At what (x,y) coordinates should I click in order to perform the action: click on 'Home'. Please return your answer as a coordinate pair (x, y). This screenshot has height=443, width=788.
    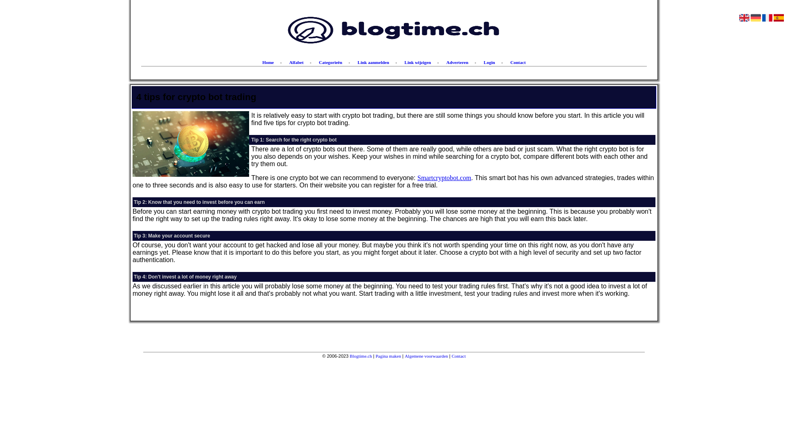
    Looking at the image, I should click on (268, 62).